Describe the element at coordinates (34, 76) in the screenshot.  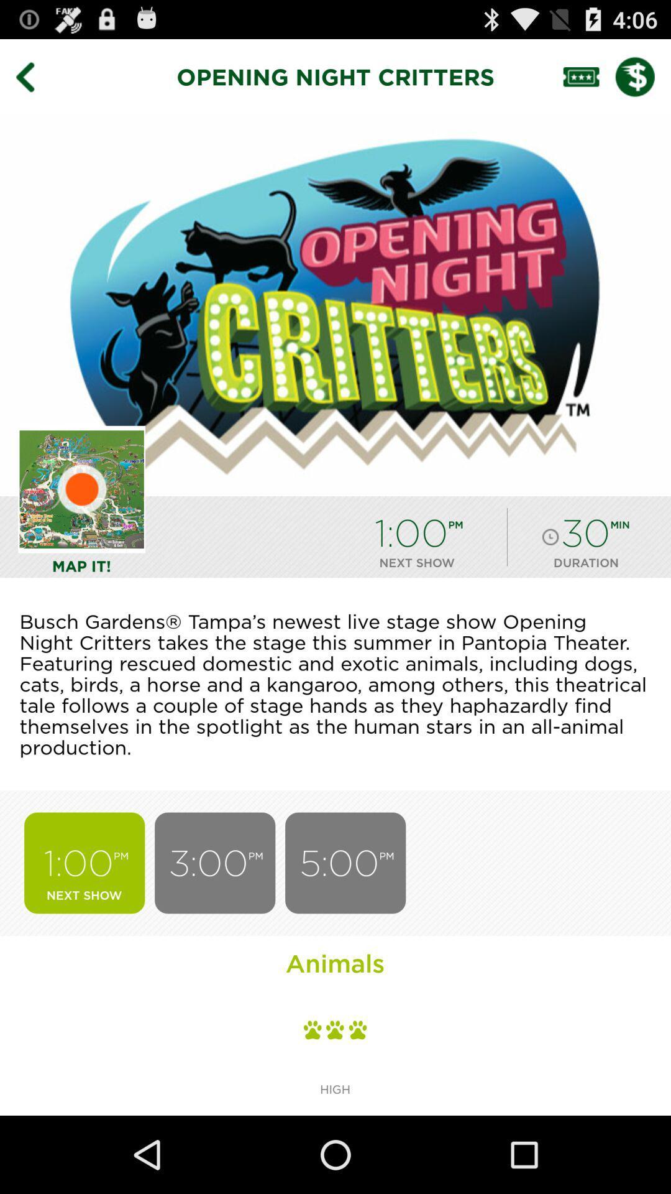
I see `previous` at that location.